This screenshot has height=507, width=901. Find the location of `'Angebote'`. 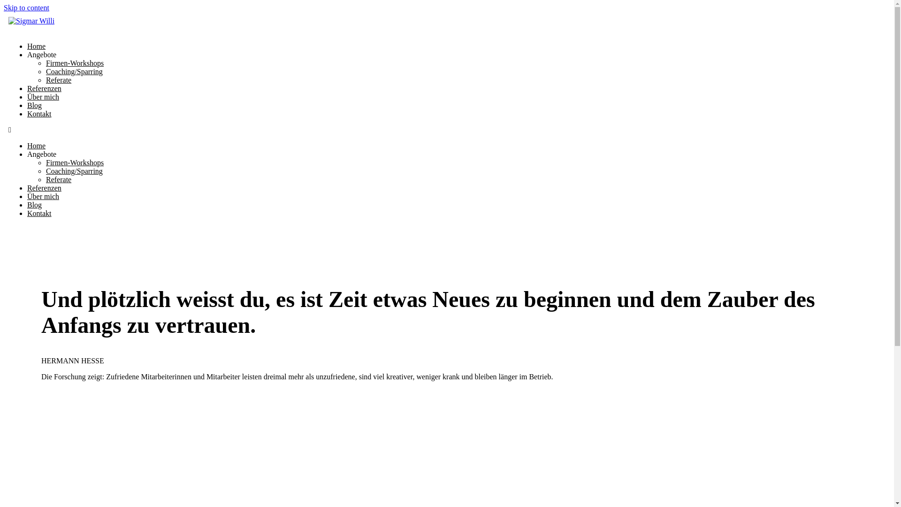

'Angebote' is located at coordinates (41, 154).